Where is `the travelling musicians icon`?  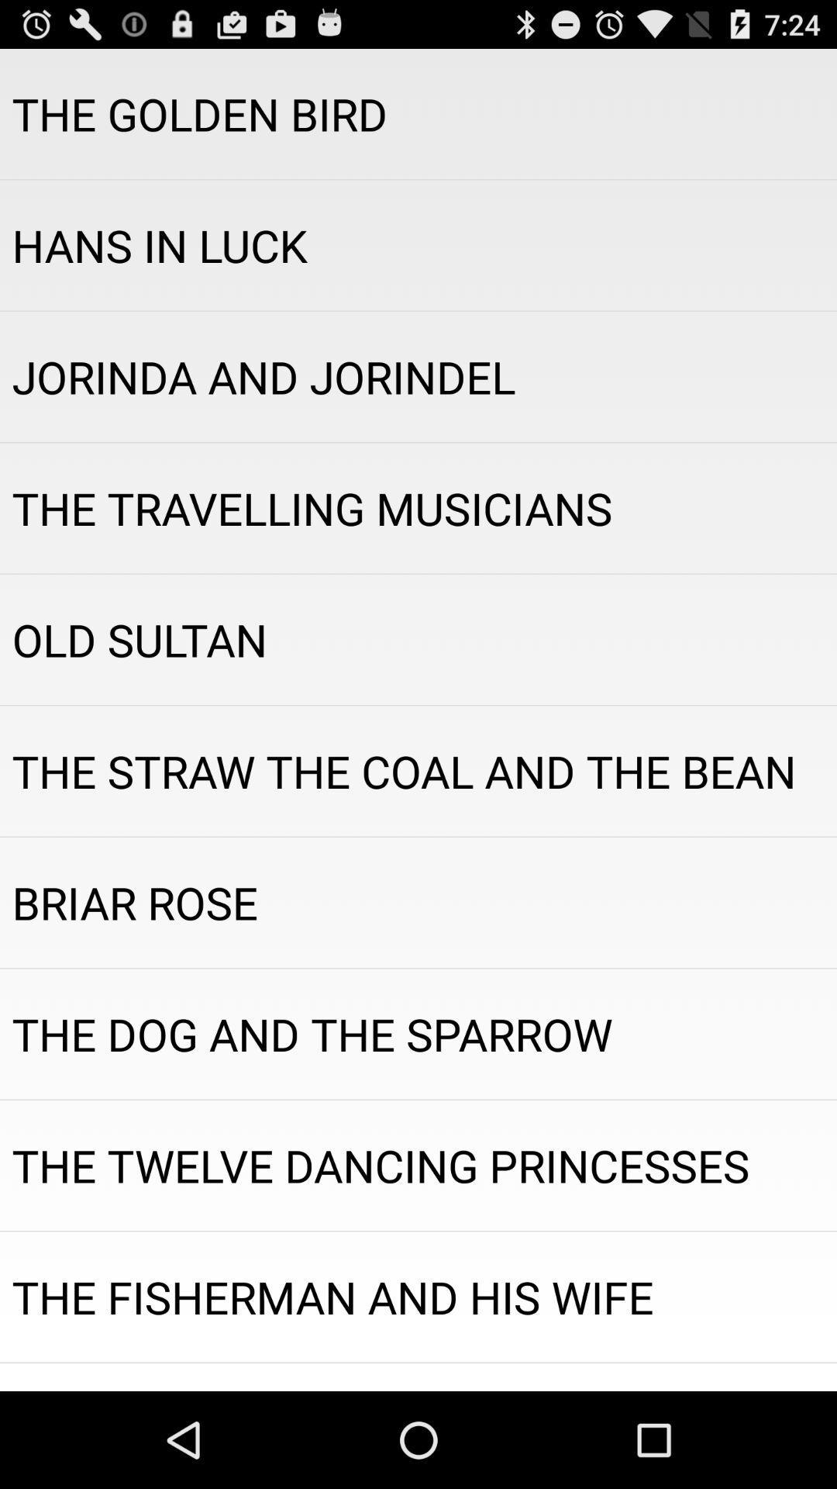 the travelling musicians icon is located at coordinates (418, 508).